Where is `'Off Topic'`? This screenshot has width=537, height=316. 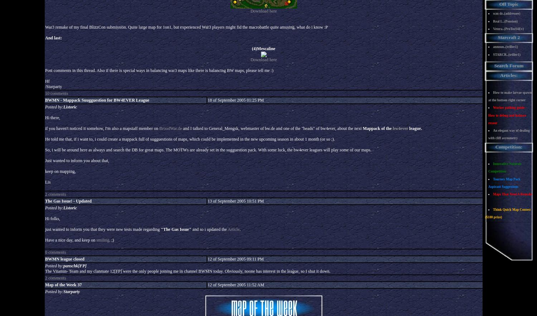 'Off Topic' is located at coordinates (508, 4).